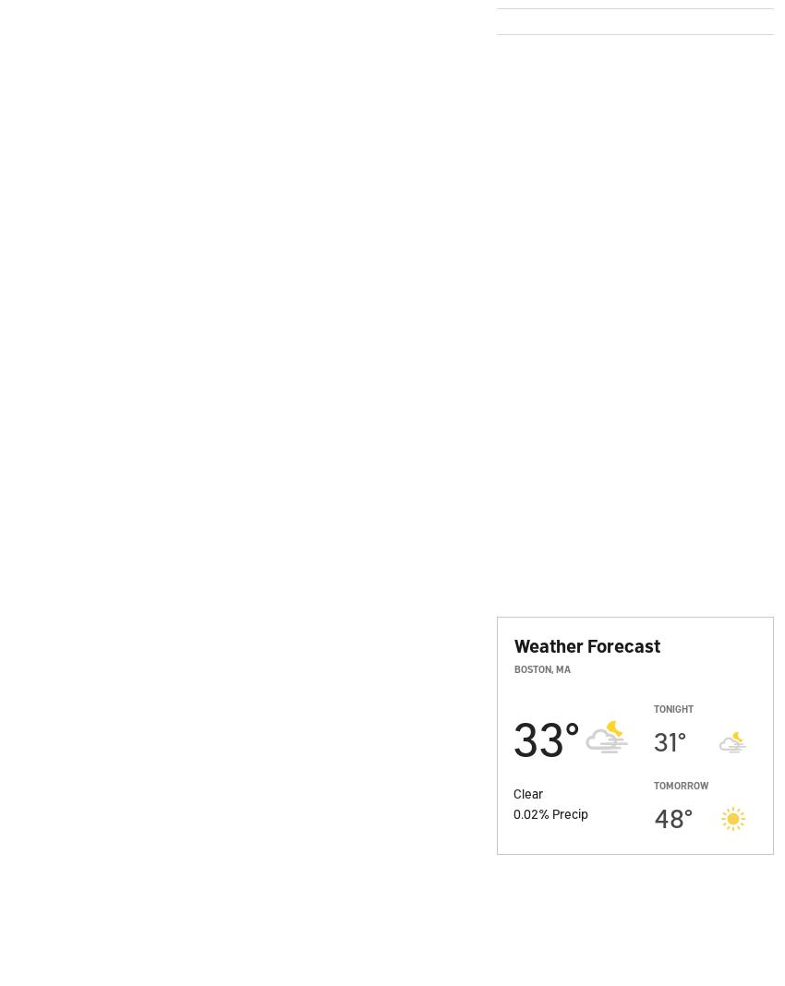 The height and width of the screenshot is (986, 785). What do you see at coordinates (586, 645) in the screenshot?
I see `'Weather Forecast'` at bounding box center [586, 645].